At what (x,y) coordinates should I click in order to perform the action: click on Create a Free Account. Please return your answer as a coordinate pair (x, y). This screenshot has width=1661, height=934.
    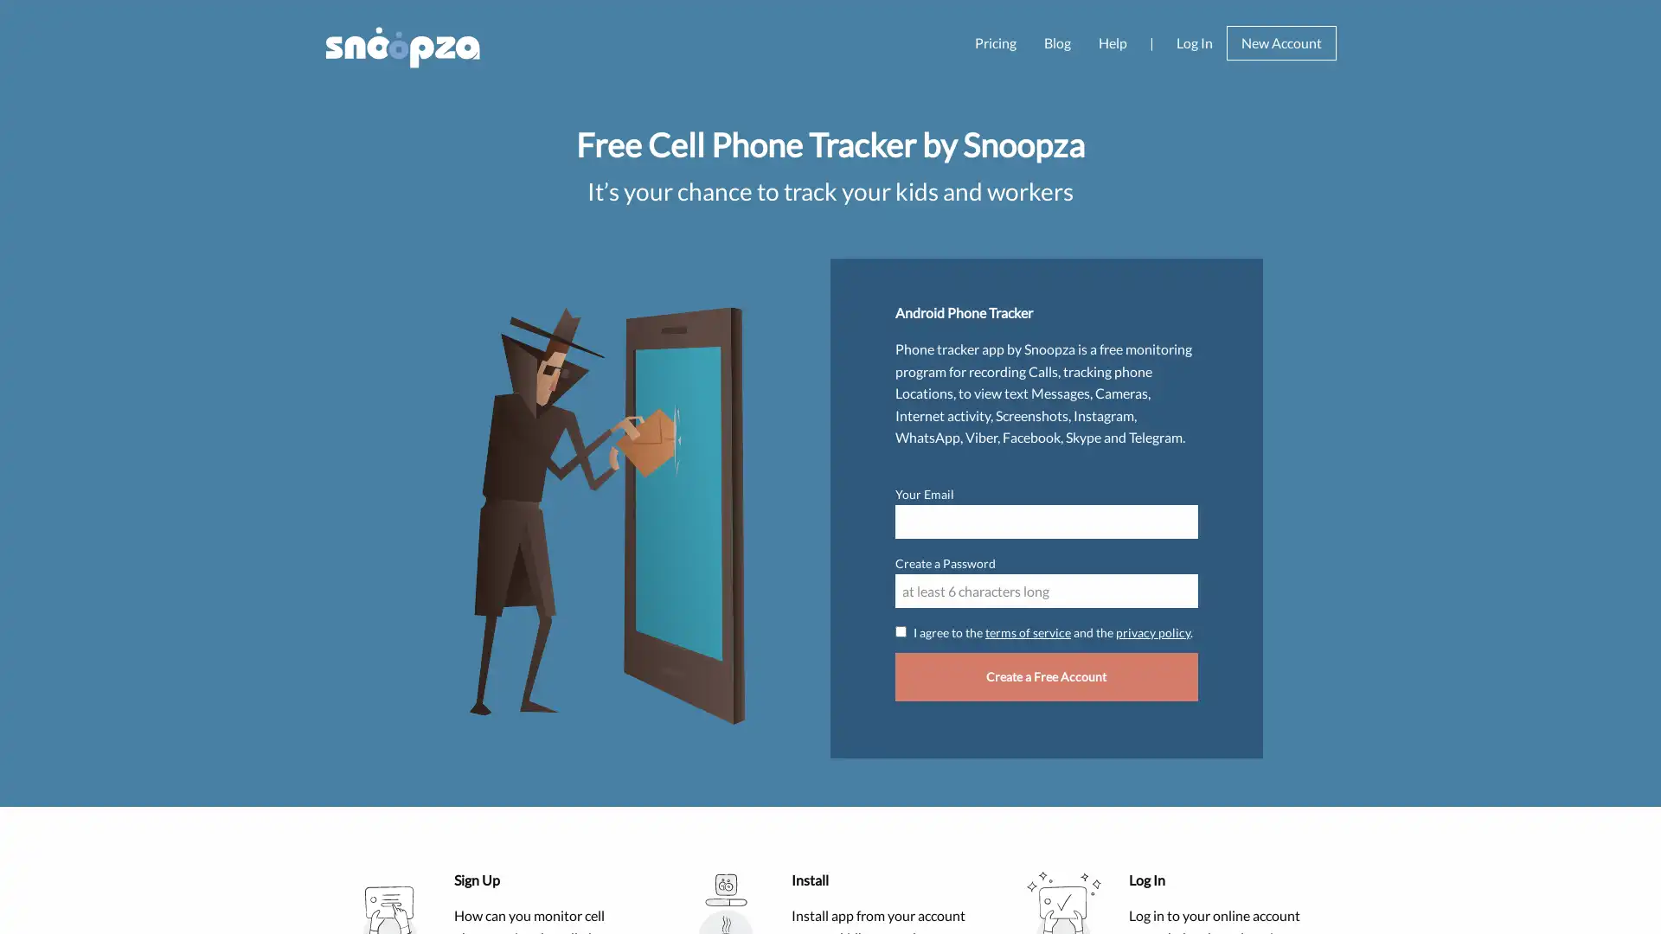
    Looking at the image, I should click on (1045, 675).